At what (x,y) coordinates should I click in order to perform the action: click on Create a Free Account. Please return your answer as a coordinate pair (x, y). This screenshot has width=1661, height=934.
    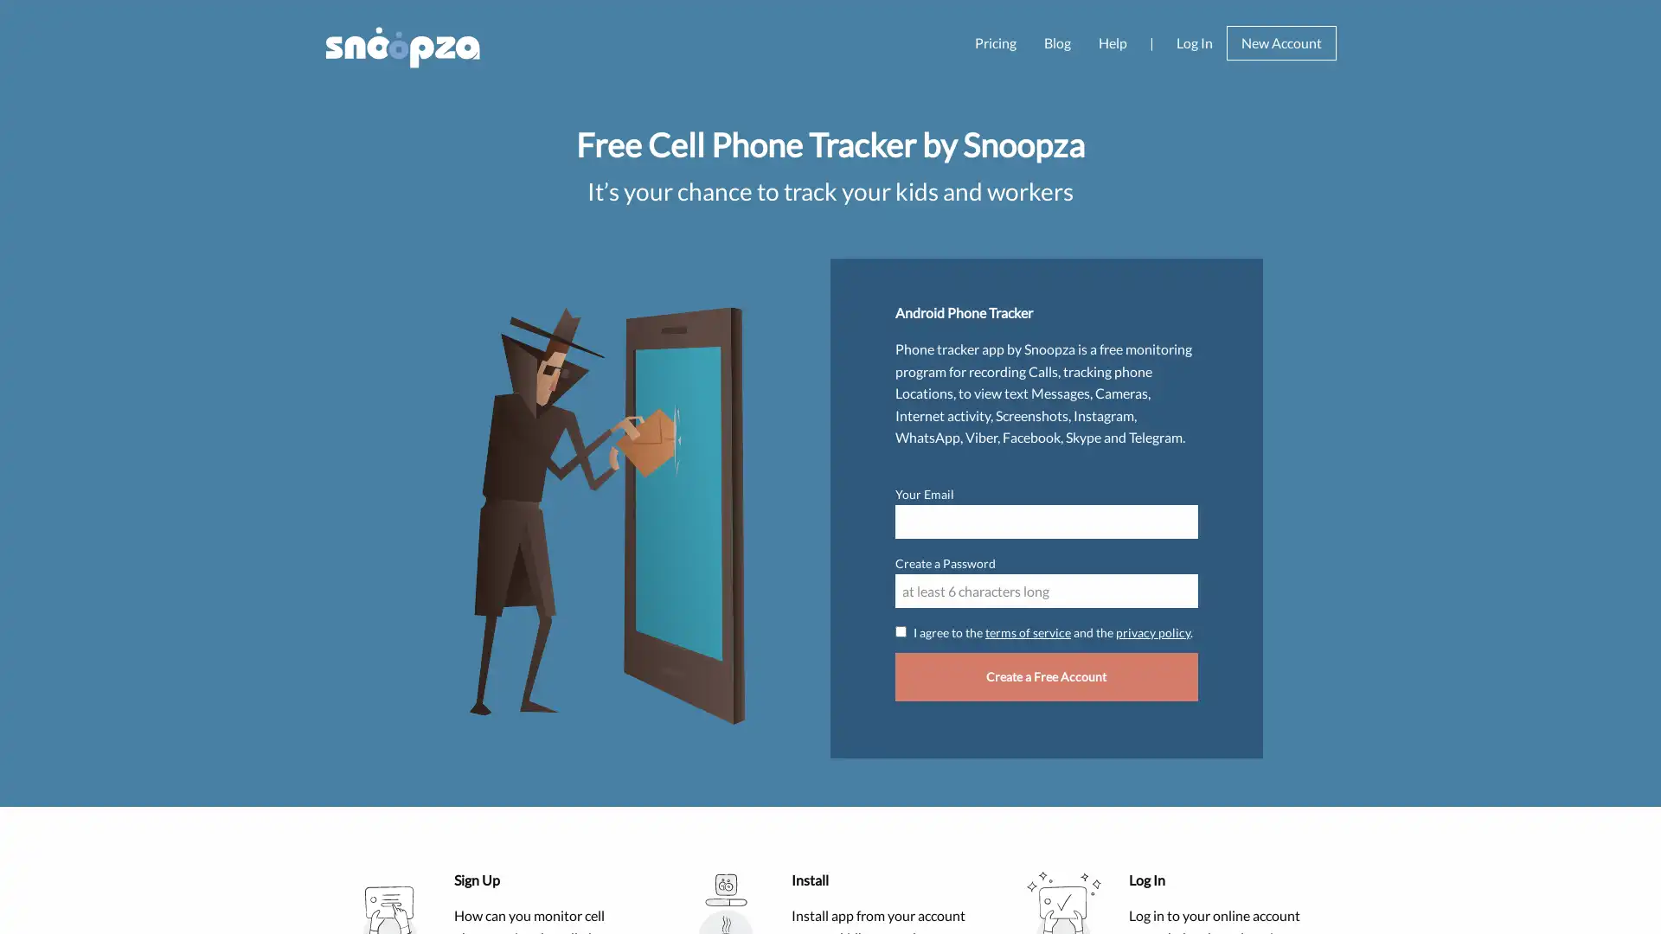
    Looking at the image, I should click on (1045, 675).